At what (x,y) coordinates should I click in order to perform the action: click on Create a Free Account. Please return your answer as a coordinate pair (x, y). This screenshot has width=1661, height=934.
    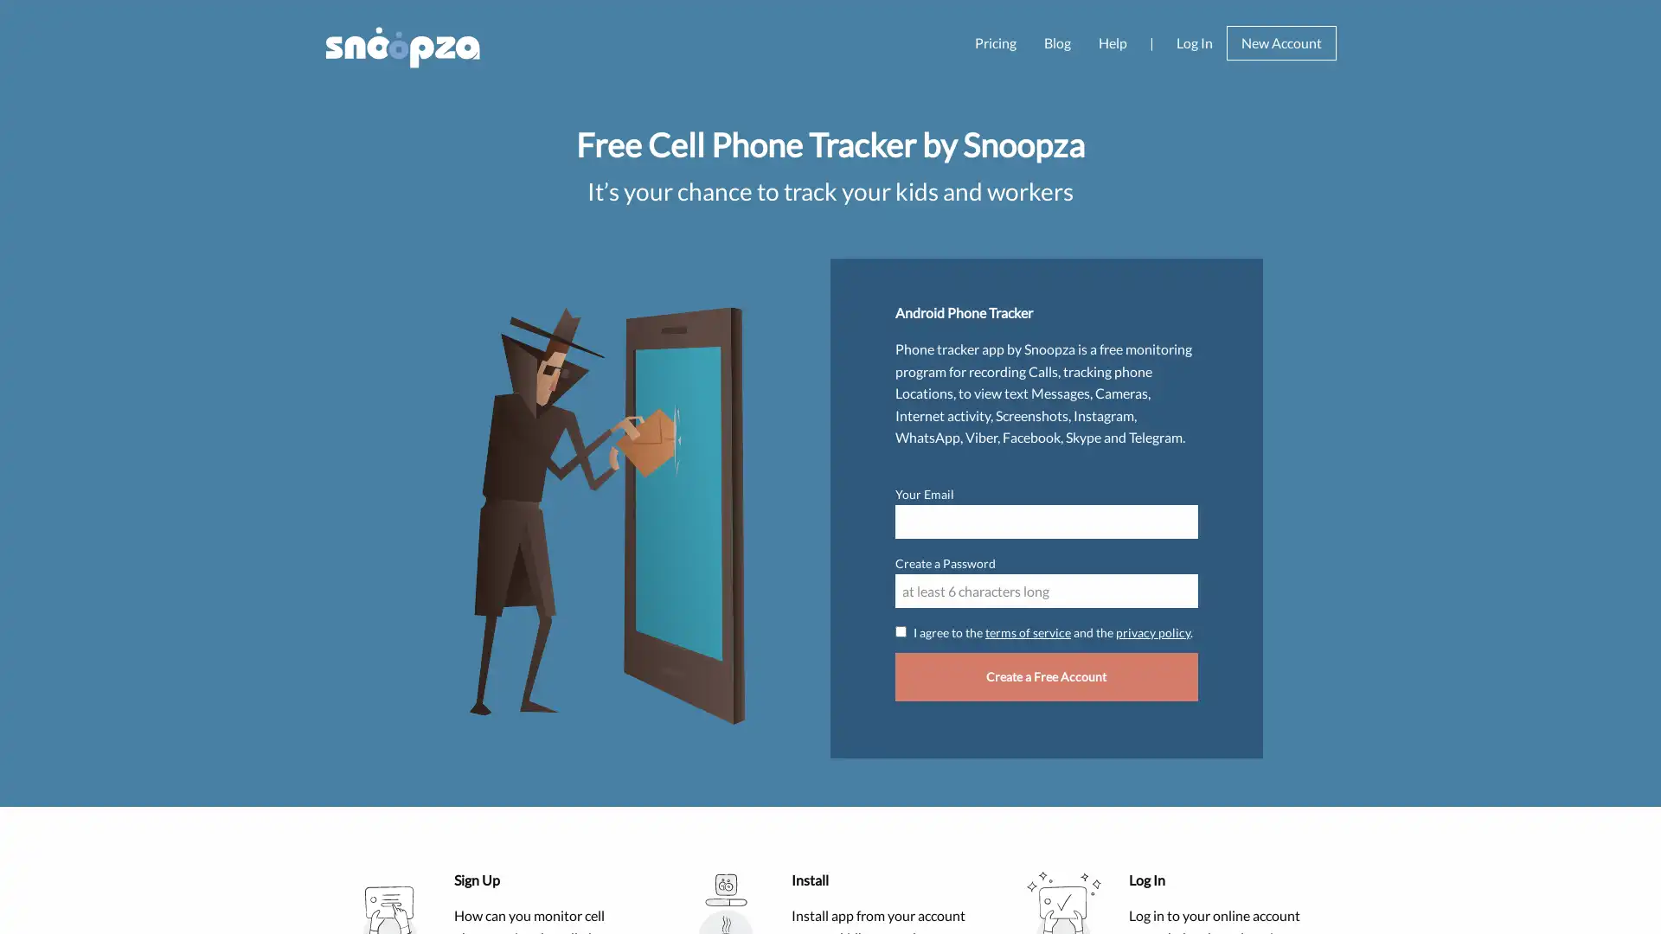
    Looking at the image, I should click on (1045, 675).